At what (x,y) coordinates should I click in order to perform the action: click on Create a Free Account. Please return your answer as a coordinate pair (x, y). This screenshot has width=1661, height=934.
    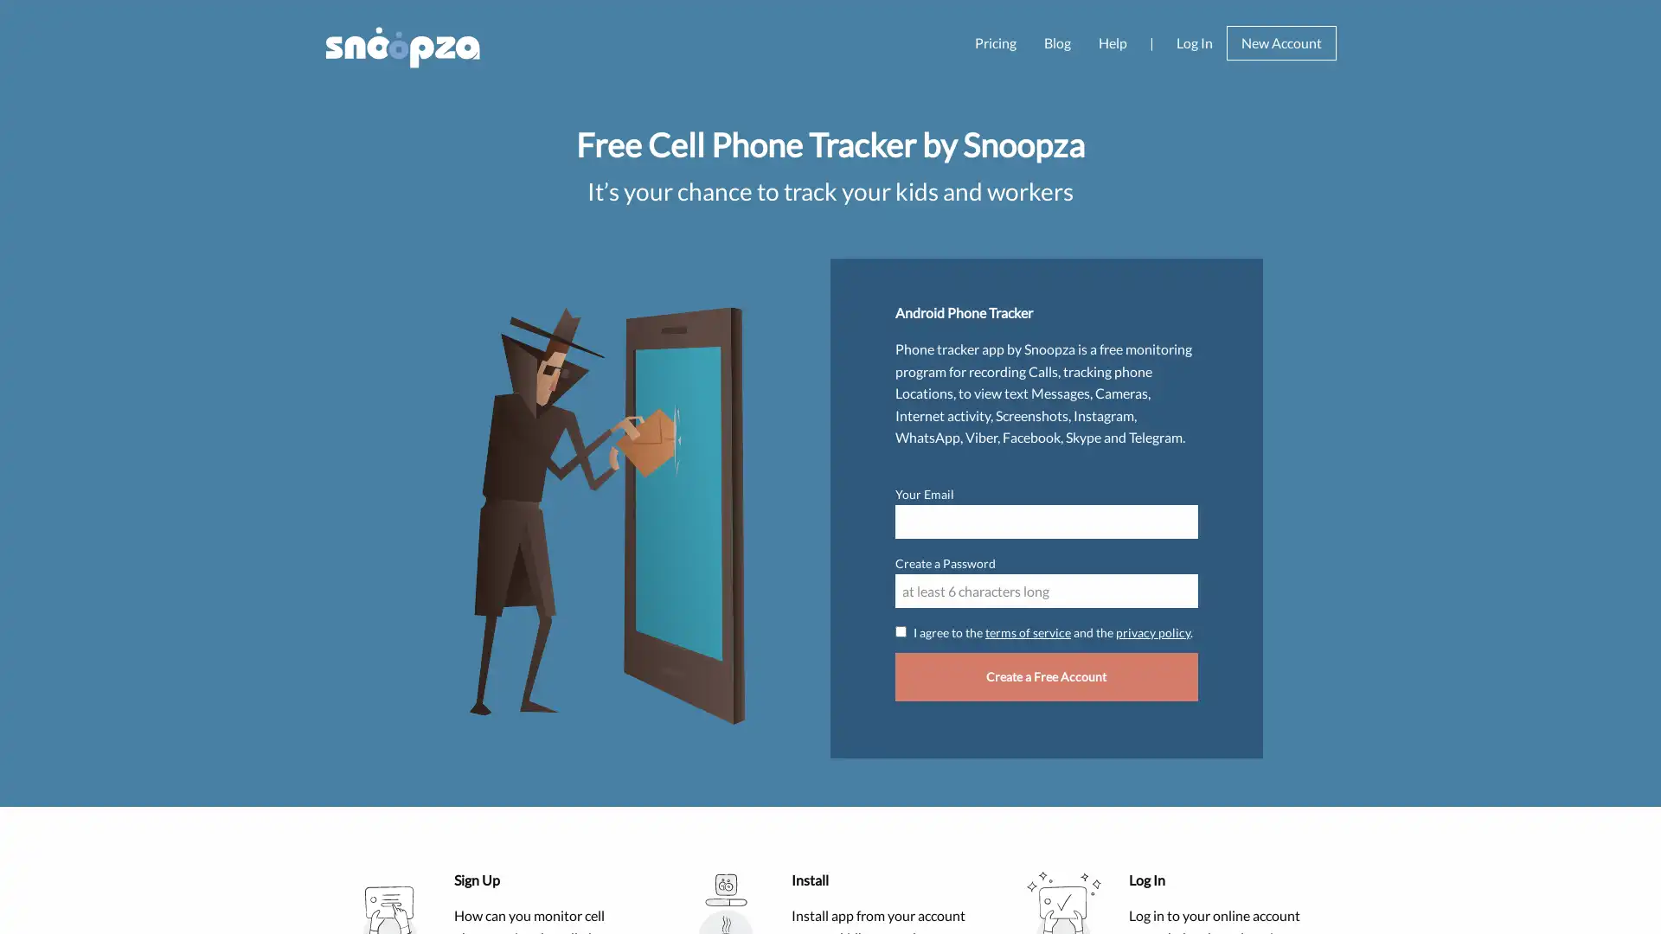
    Looking at the image, I should click on (1045, 675).